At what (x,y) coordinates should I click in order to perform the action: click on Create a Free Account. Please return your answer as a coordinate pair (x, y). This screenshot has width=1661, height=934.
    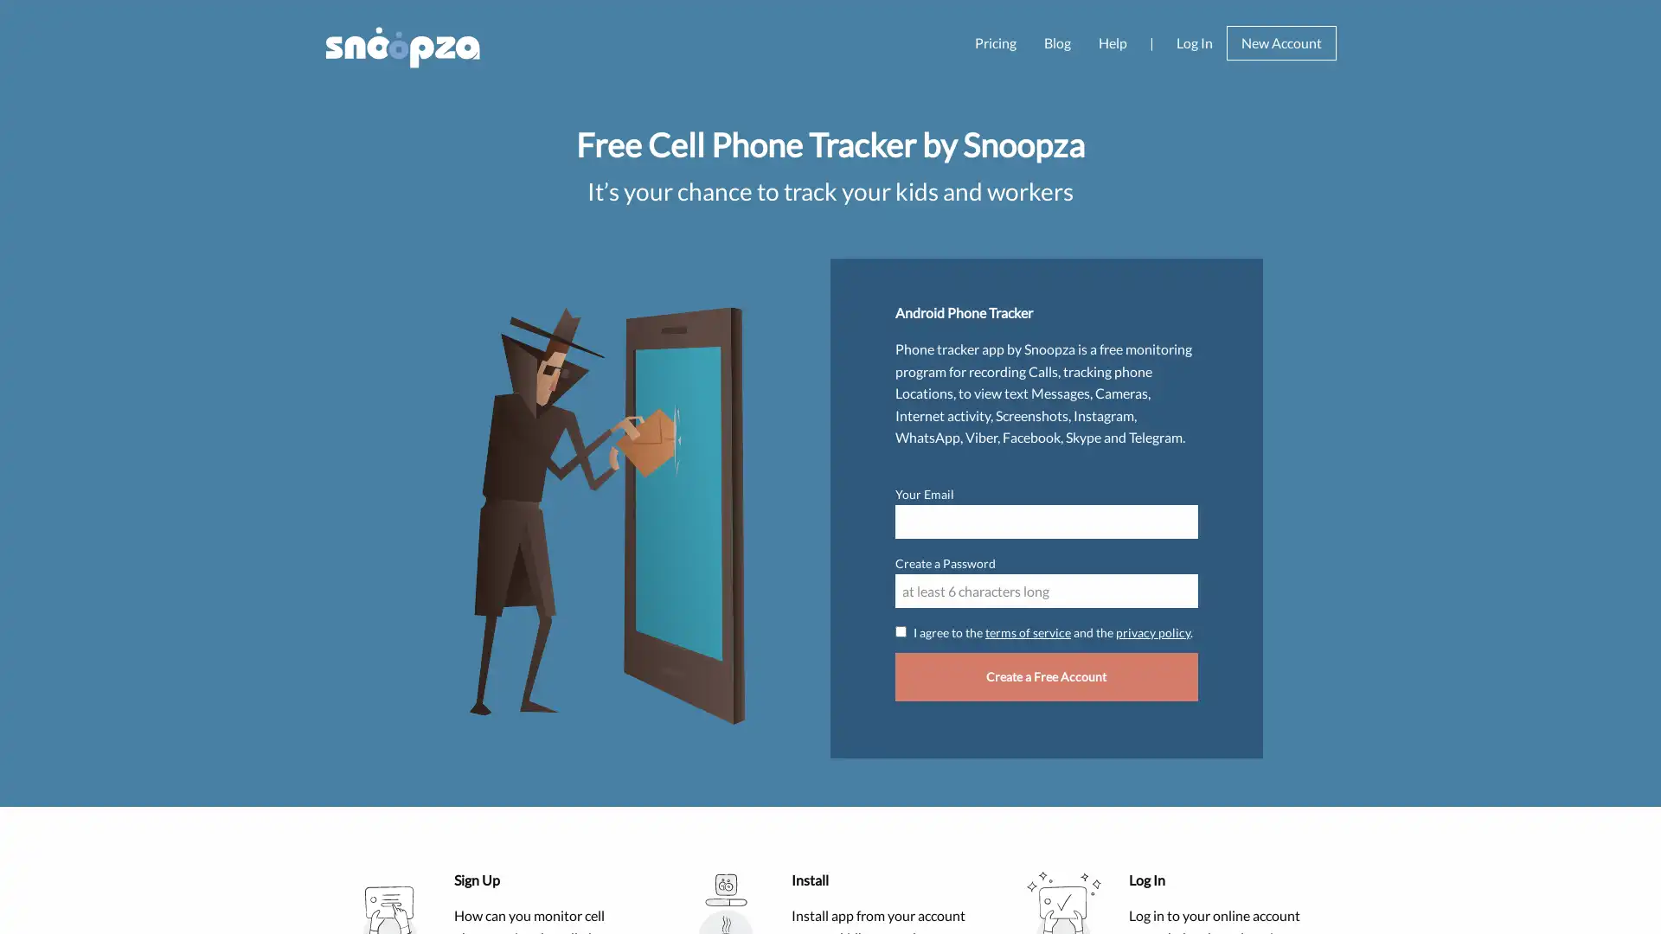
    Looking at the image, I should click on (1045, 675).